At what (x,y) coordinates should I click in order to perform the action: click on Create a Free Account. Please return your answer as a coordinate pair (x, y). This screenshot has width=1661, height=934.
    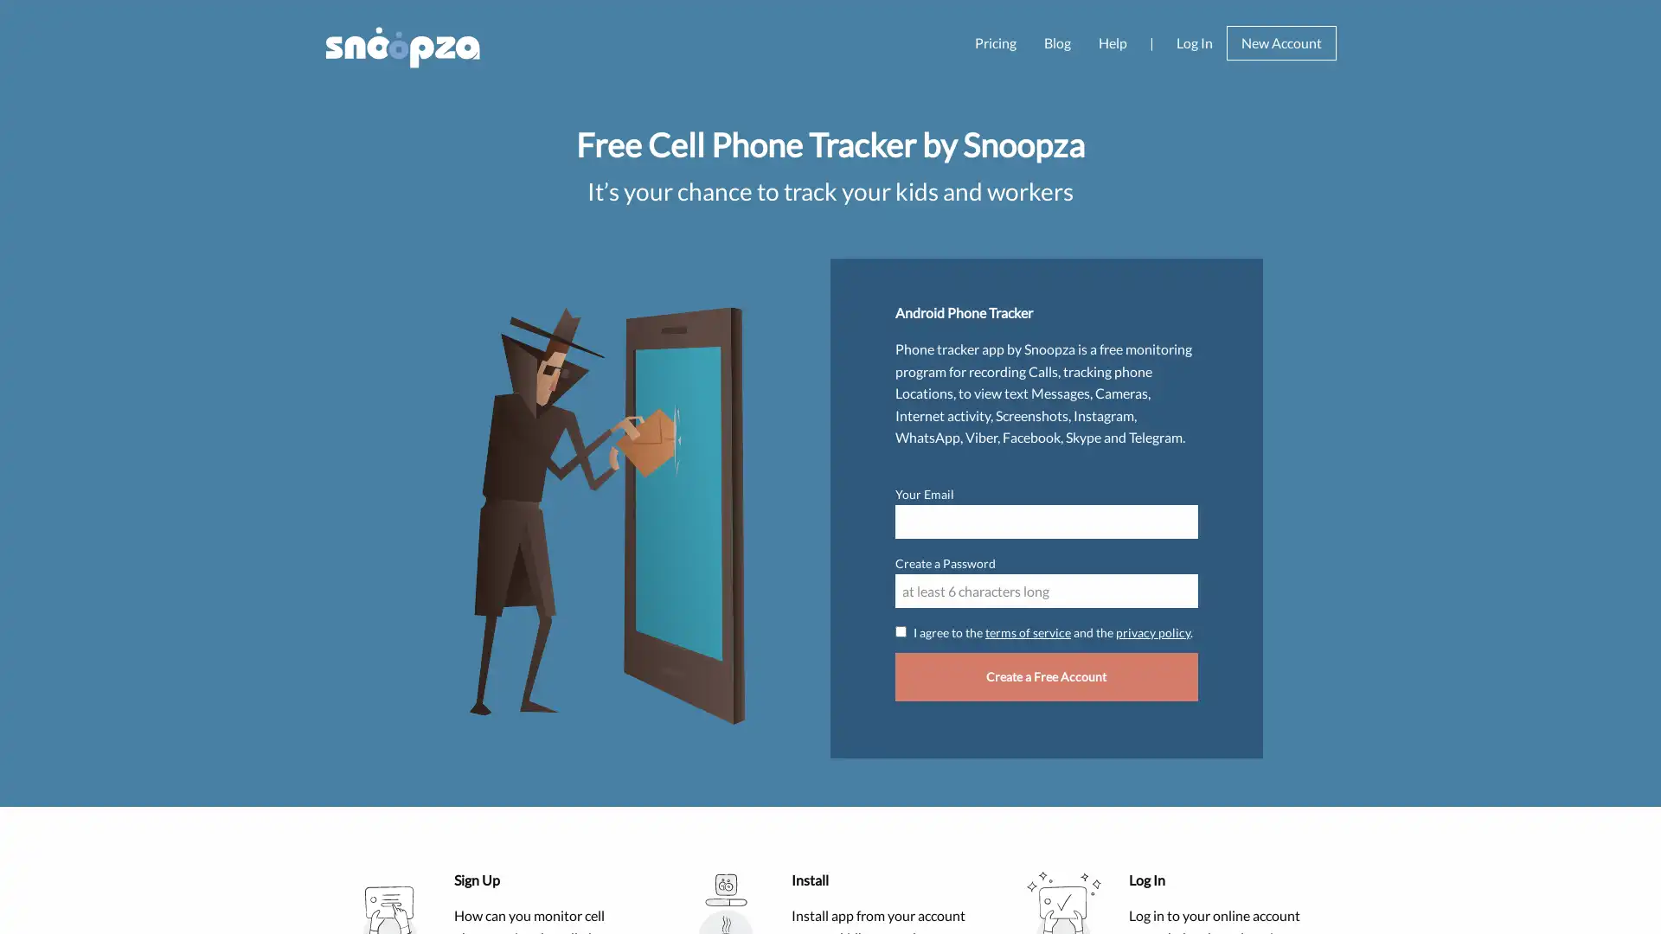
    Looking at the image, I should click on (1045, 675).